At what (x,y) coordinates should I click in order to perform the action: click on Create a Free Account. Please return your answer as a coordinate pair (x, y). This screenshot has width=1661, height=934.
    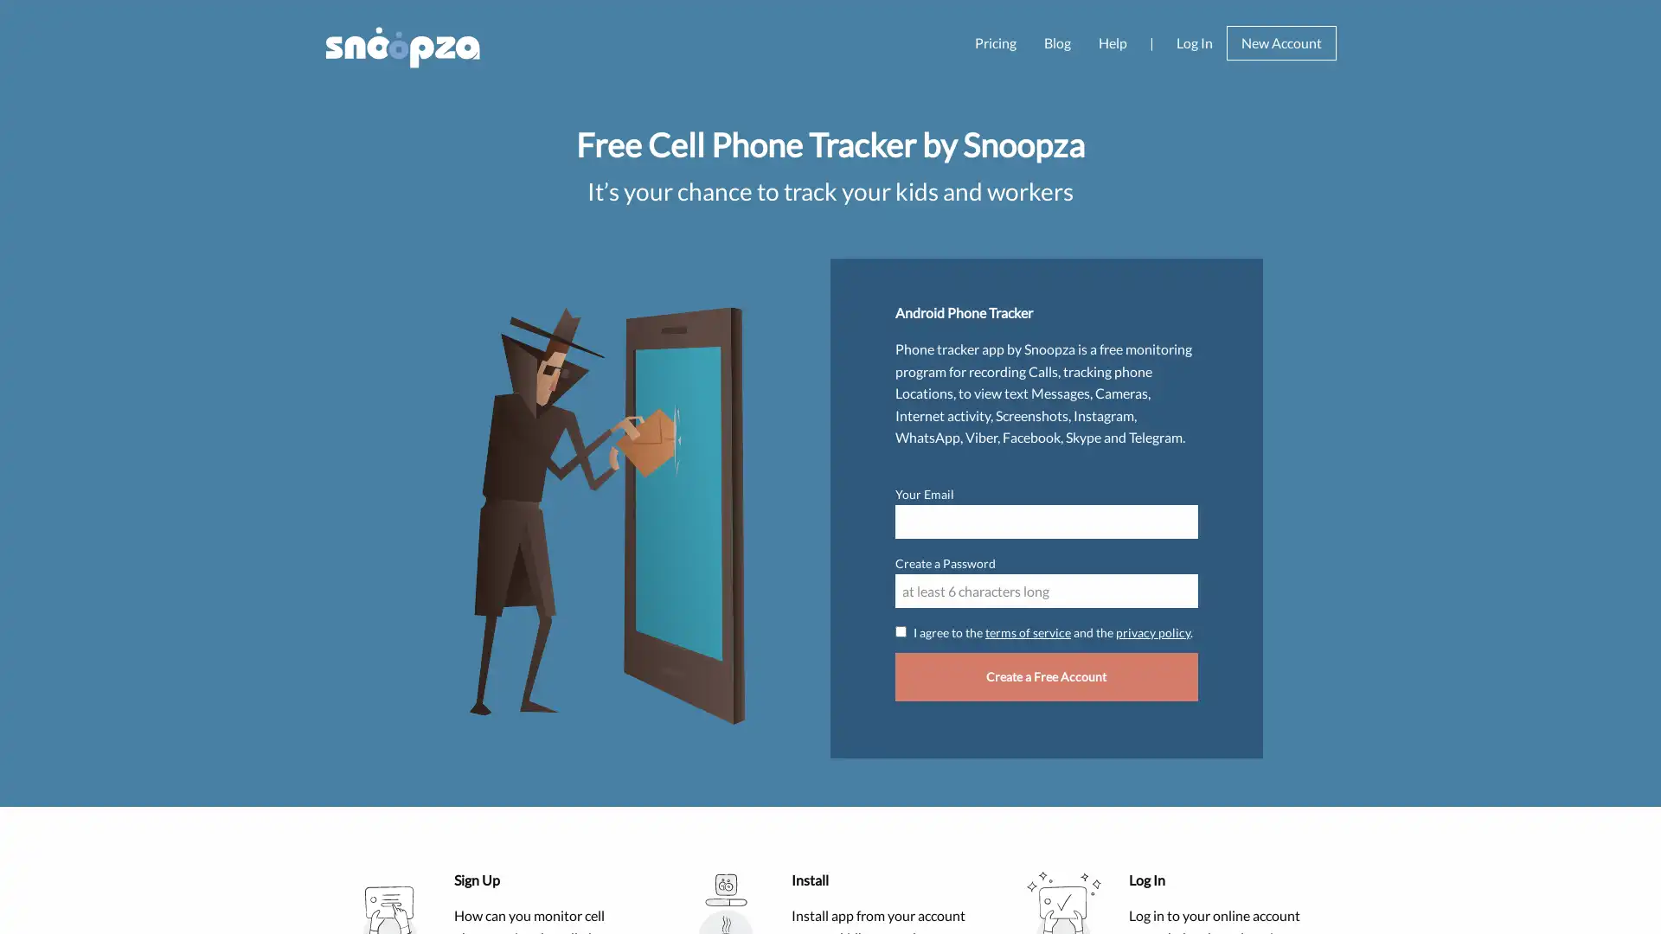
    Looking at the image, I should click on (1045, 675).